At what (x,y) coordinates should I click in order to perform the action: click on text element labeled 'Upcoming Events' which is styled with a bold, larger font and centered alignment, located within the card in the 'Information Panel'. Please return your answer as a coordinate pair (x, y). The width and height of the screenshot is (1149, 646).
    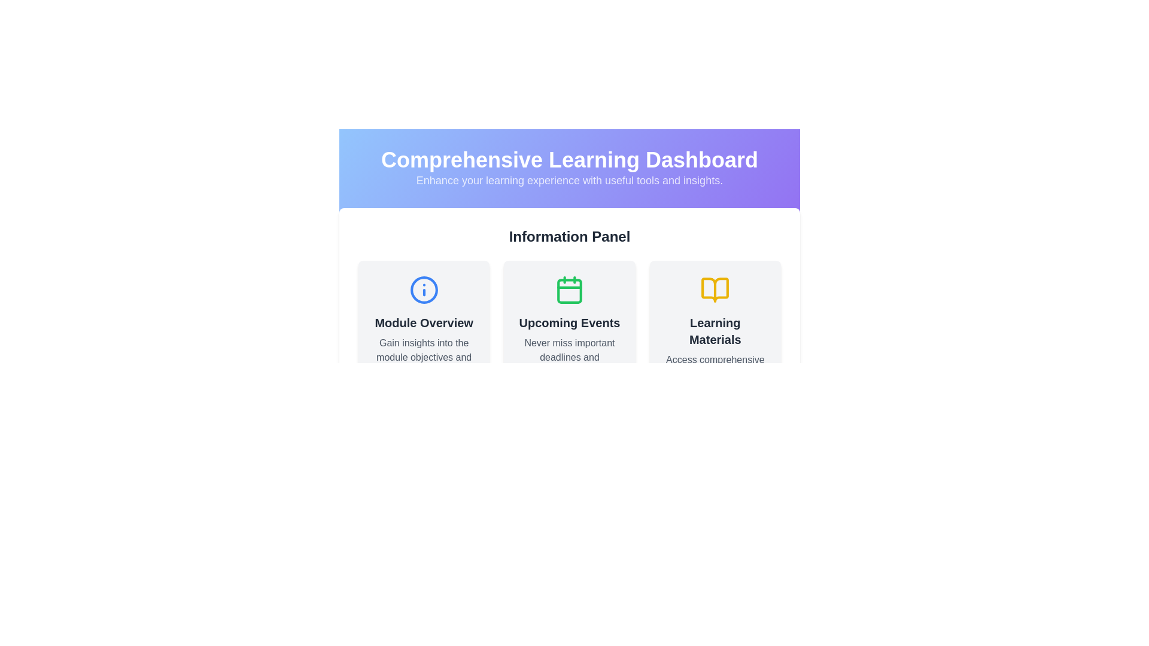
    Looking at the image, I should click on (569, 323).